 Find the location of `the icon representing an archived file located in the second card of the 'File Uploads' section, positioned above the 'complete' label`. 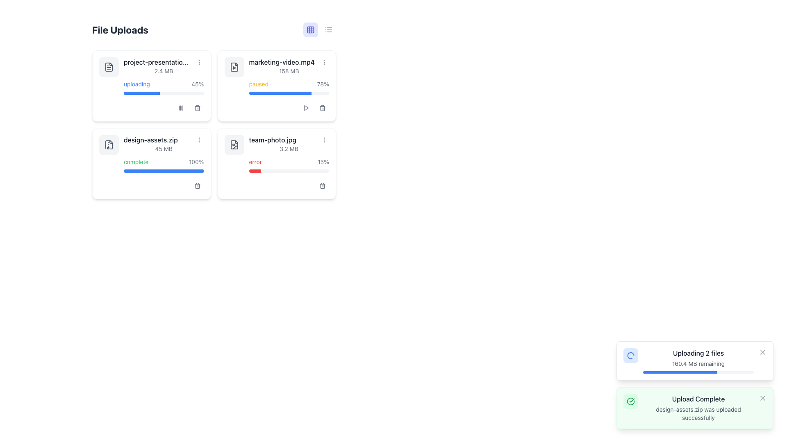

the icon representing an archived file located in the second card of the 'File Uploads' section, positioned above the 'complete' label is located at coordinates (108, 144).